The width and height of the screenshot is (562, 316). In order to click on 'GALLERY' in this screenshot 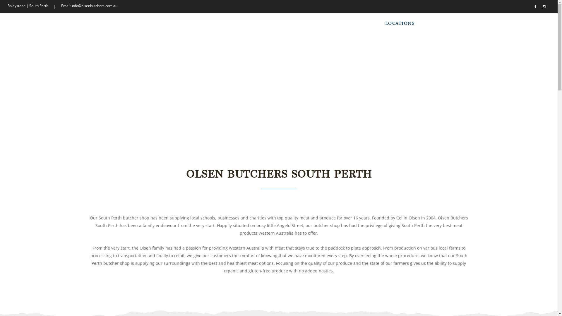, I will do `click(419, 23)`.